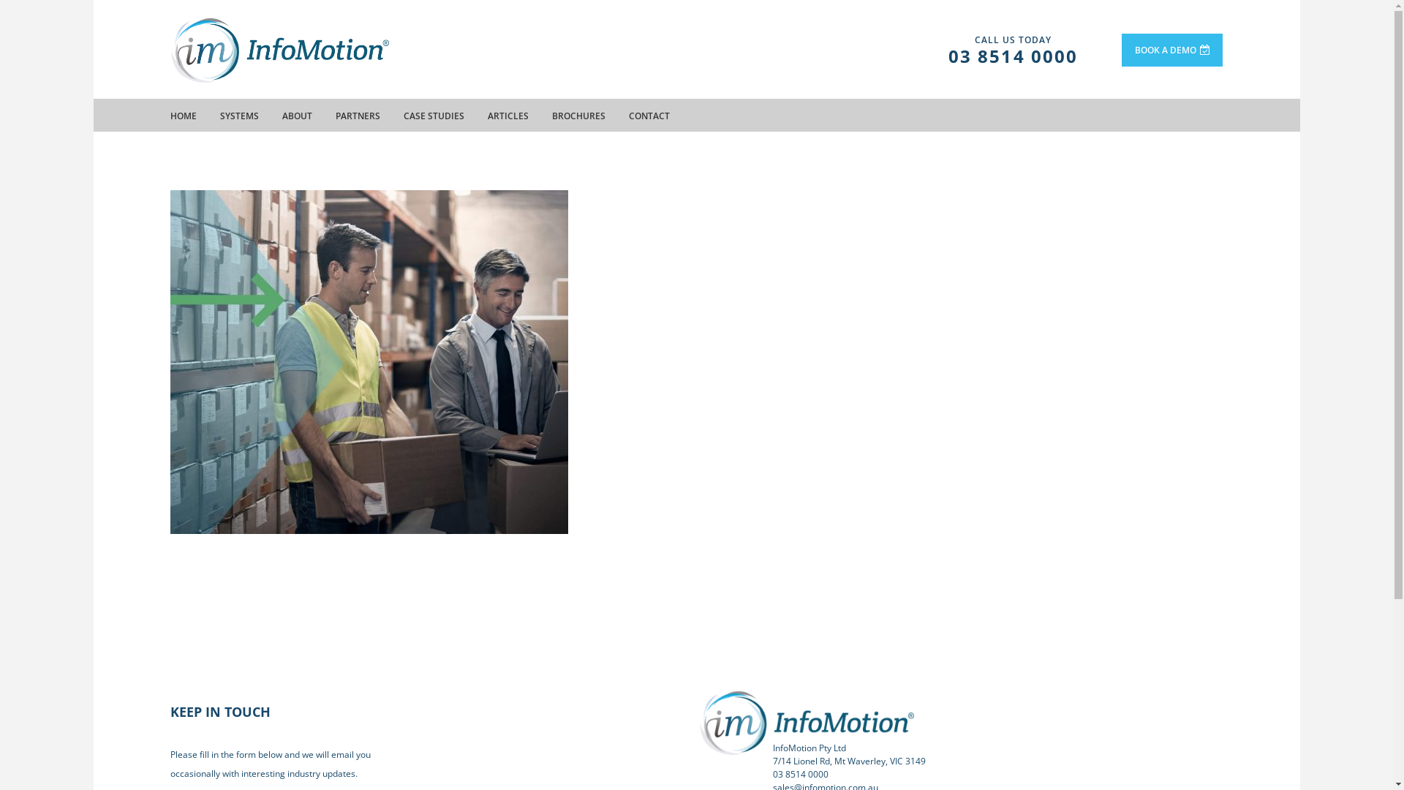  What do you see at coordinates (577, 115) in the screenshot?
I see `'BROCHURES'` at bounding box center [577, 115].